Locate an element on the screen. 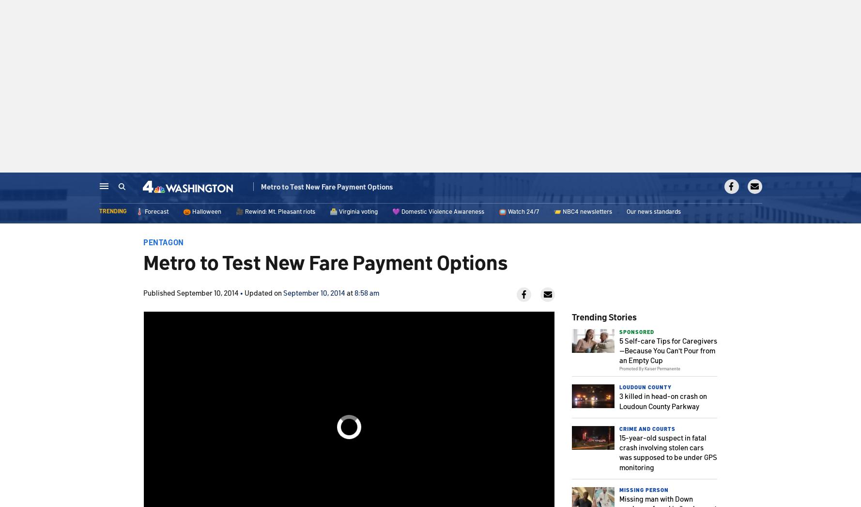 Image resolution: width=861 pixels, height=507 pixels. 'Pentagon' is located at coordinates (143, 241).